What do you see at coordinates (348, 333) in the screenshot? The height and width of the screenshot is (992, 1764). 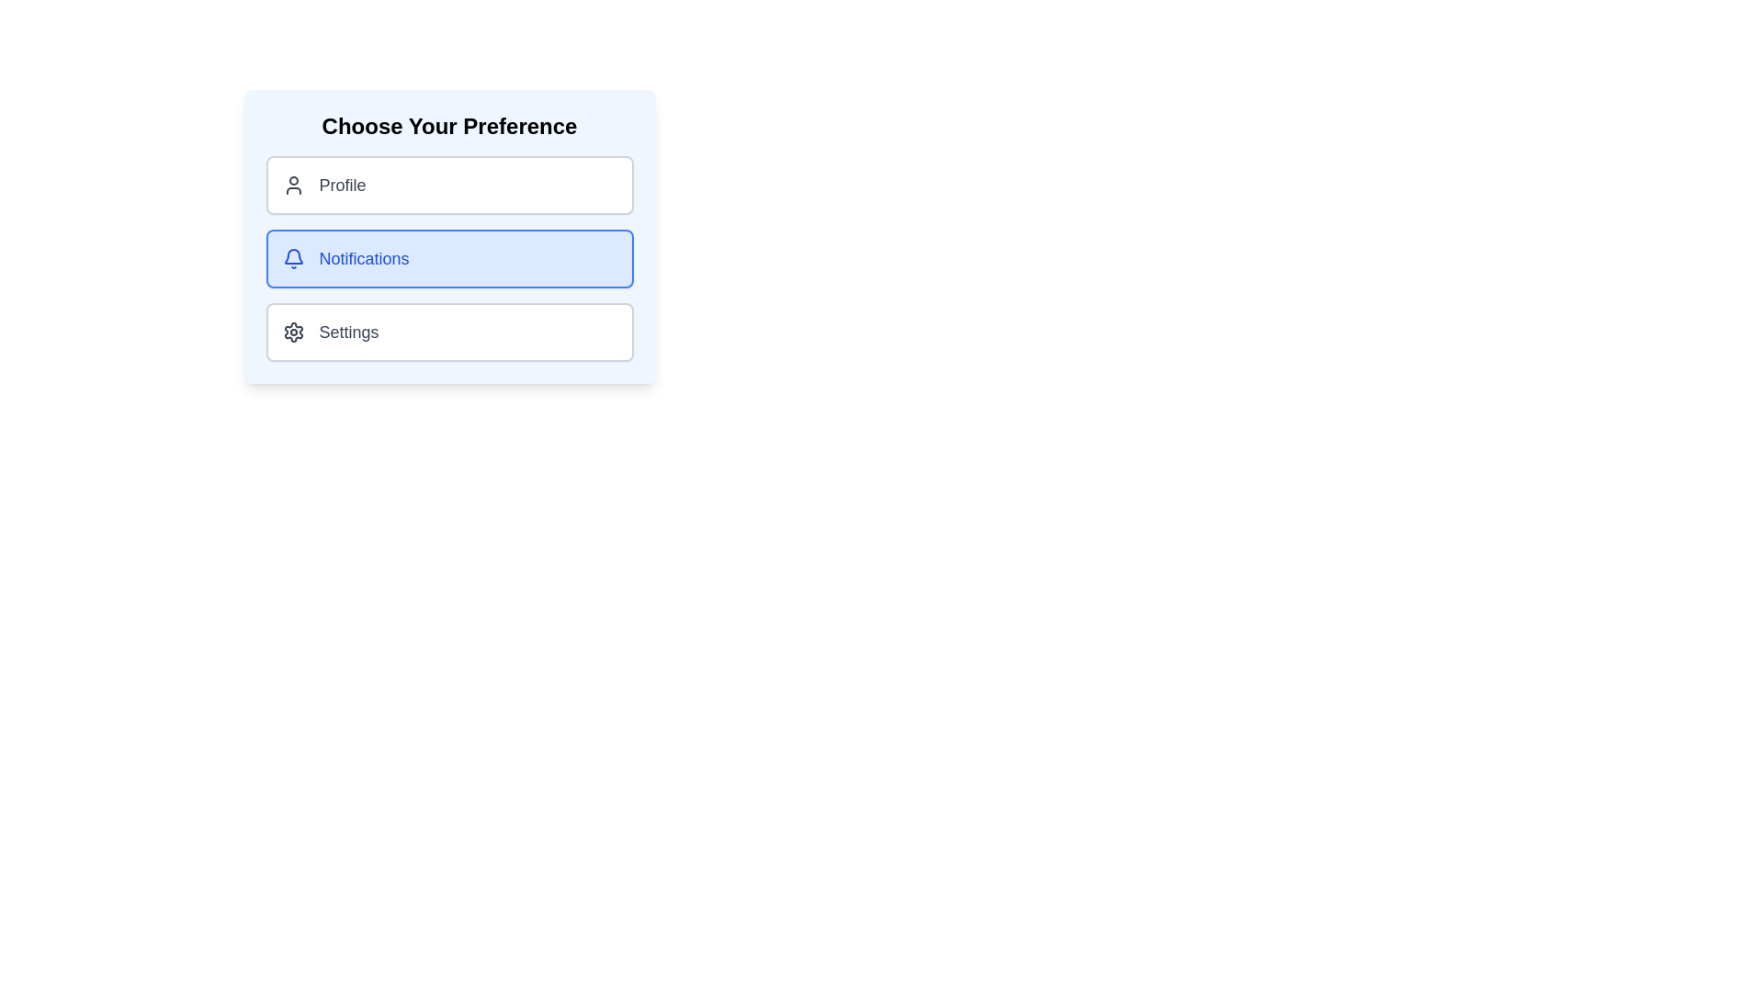 I see `the 'Settings' text label, which is styled with a medium font size and located to the right of a gear icon within the third card in a vertical list` at bounding box center [348, 333].